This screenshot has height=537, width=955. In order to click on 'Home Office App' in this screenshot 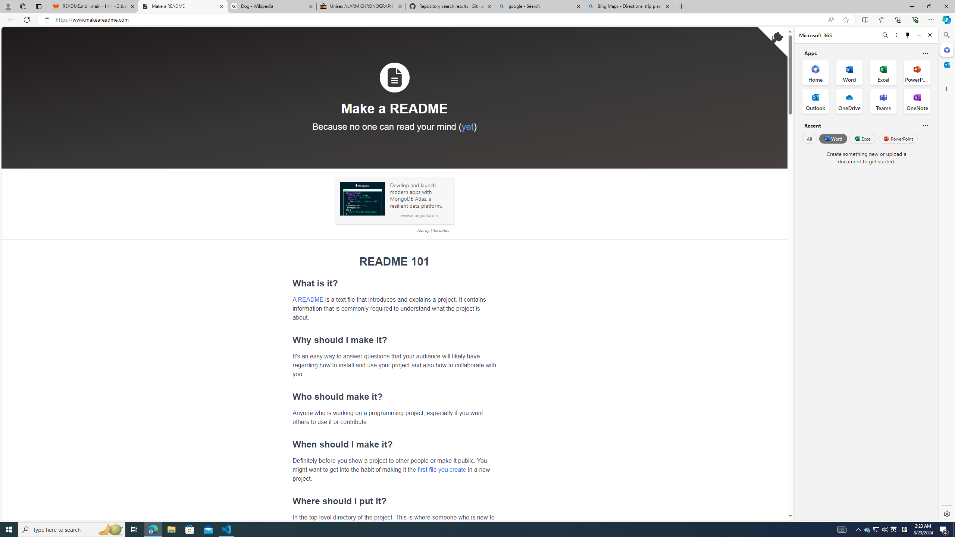, I will do `click(815, 73)`.